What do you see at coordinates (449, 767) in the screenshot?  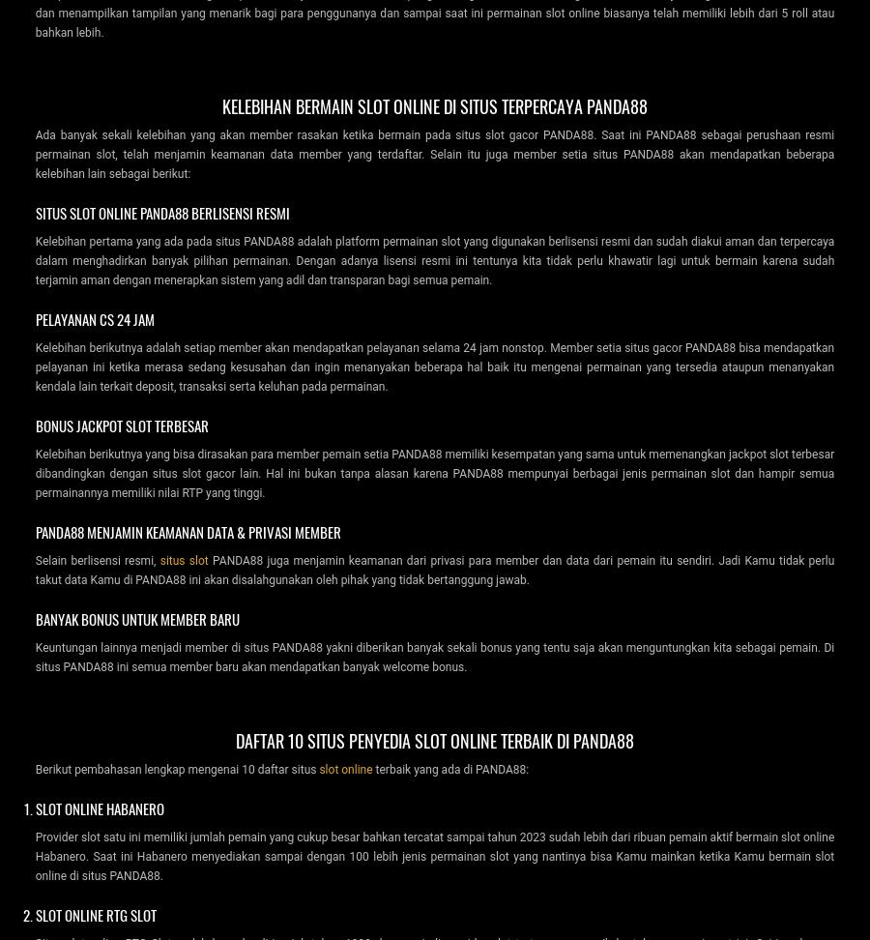 I see `'terbaik yang ada di PANDA88:'` at bounding box center [449, 767].